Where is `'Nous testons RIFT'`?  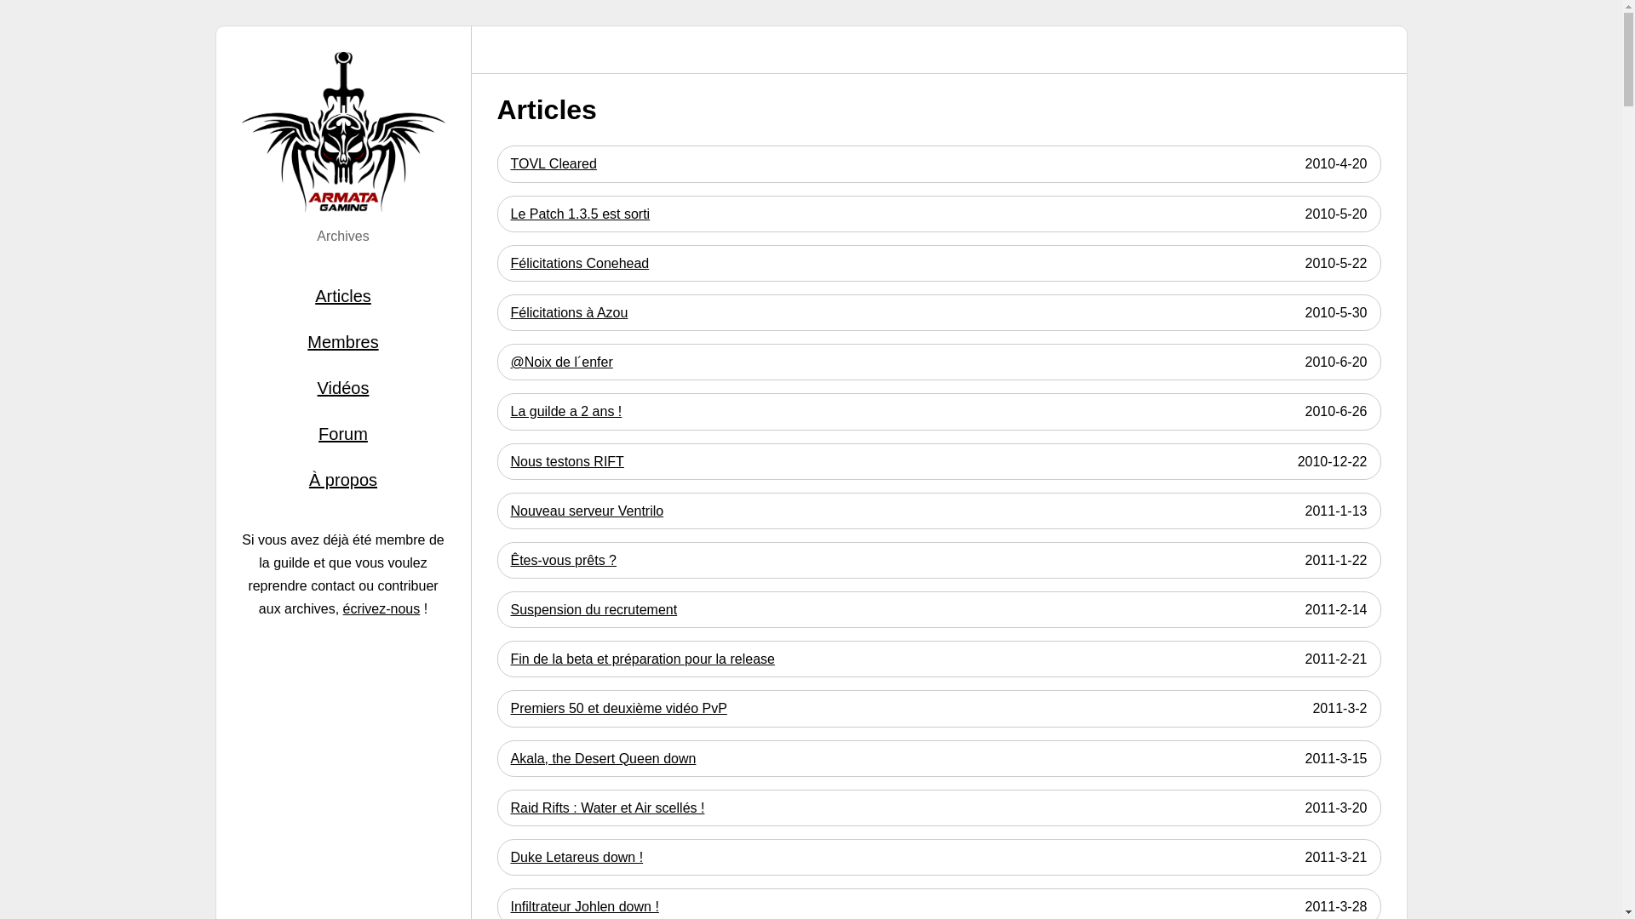 'Nous testons RIFT' is located at coordinates (567, 461).